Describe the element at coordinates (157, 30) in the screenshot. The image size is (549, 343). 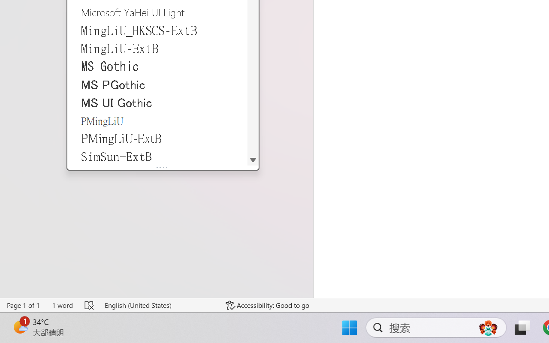
I see `'MingLiU_HKSCS-ExtB'` at that location.